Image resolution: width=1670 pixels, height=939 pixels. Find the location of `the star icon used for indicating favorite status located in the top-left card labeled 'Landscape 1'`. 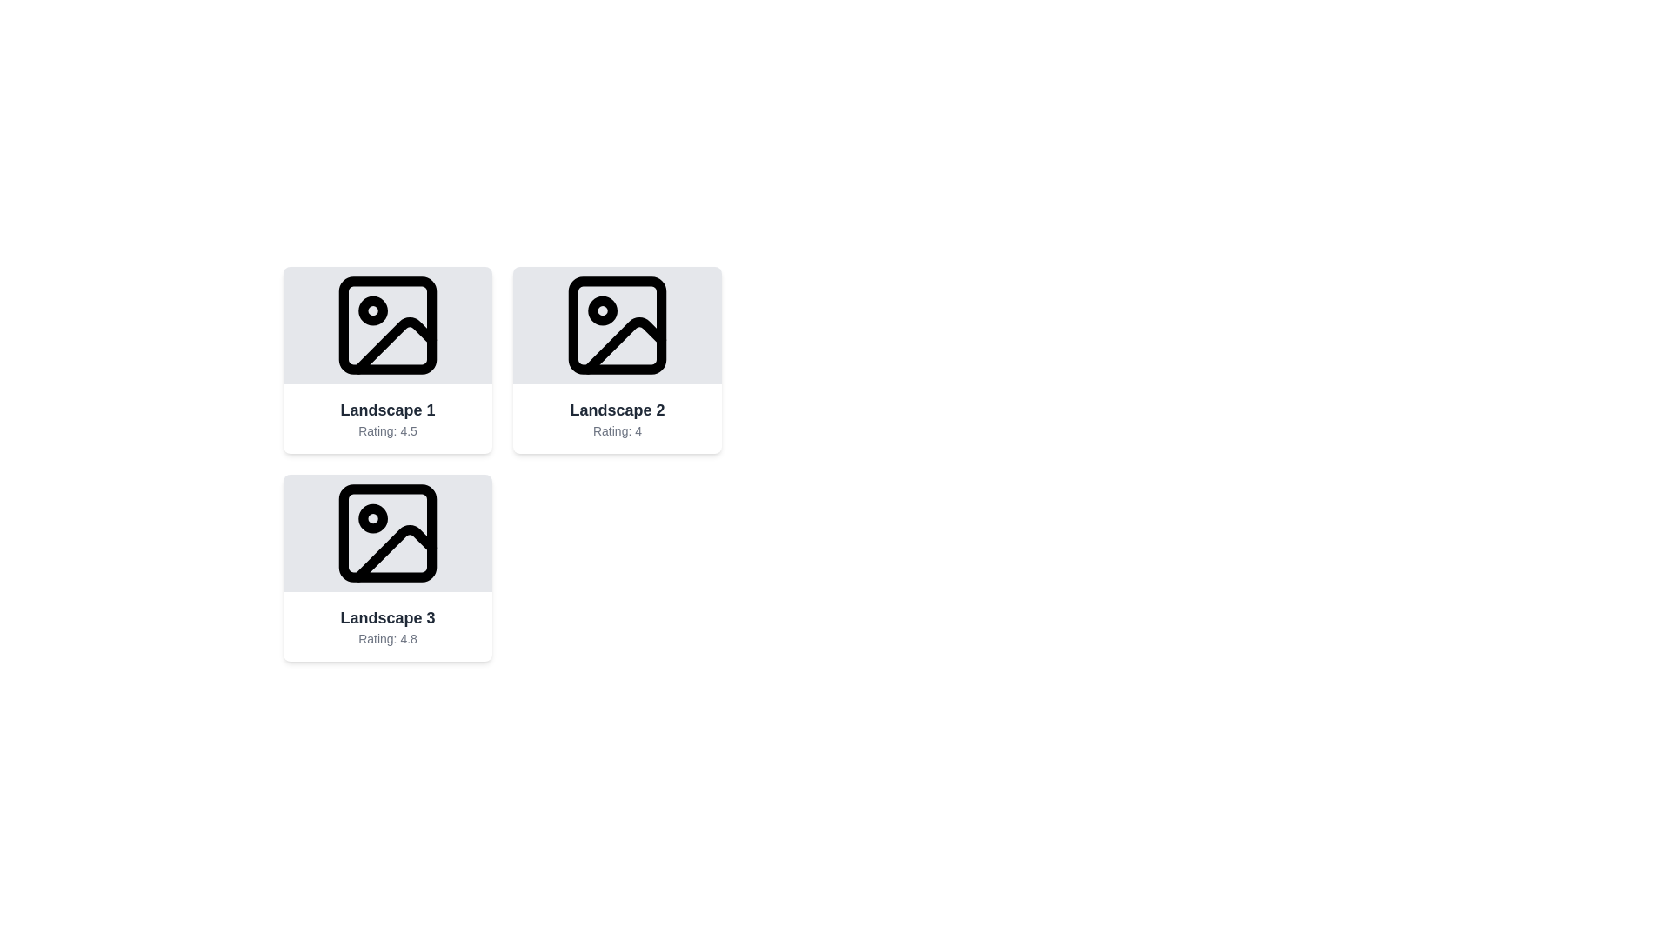

the star icon used for indicating favorite status located in the top-left card labeled 'Landscape 1' is located at coordinates (387, 325).